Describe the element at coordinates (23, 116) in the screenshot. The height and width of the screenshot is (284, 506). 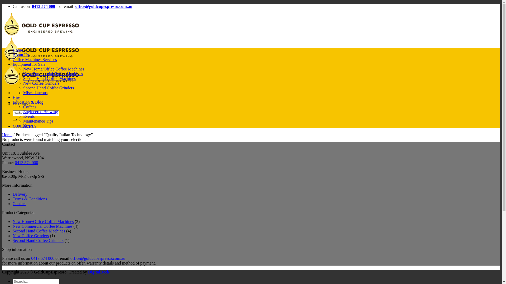
I see `'Events'` at that location.